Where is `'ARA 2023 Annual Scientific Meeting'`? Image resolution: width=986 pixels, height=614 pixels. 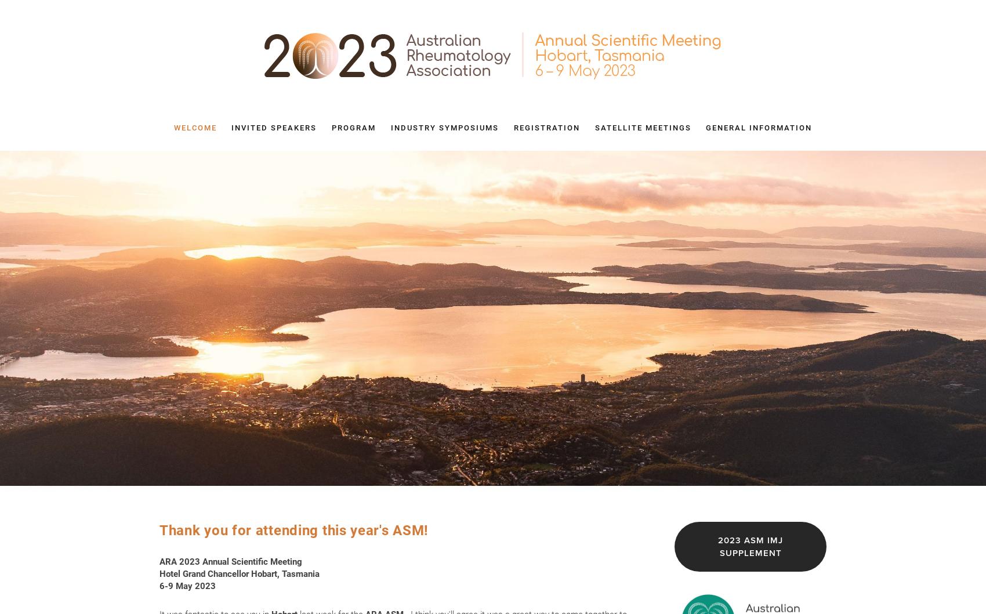
'ARA 2023 Annual Scientific Meeting' is located at coordinates (230, 561).